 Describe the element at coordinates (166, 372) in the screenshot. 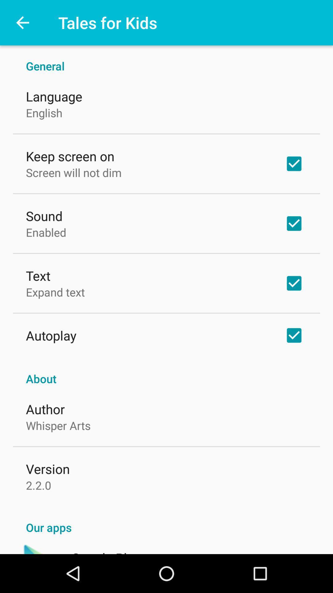

I see `the item at the center` at that location.